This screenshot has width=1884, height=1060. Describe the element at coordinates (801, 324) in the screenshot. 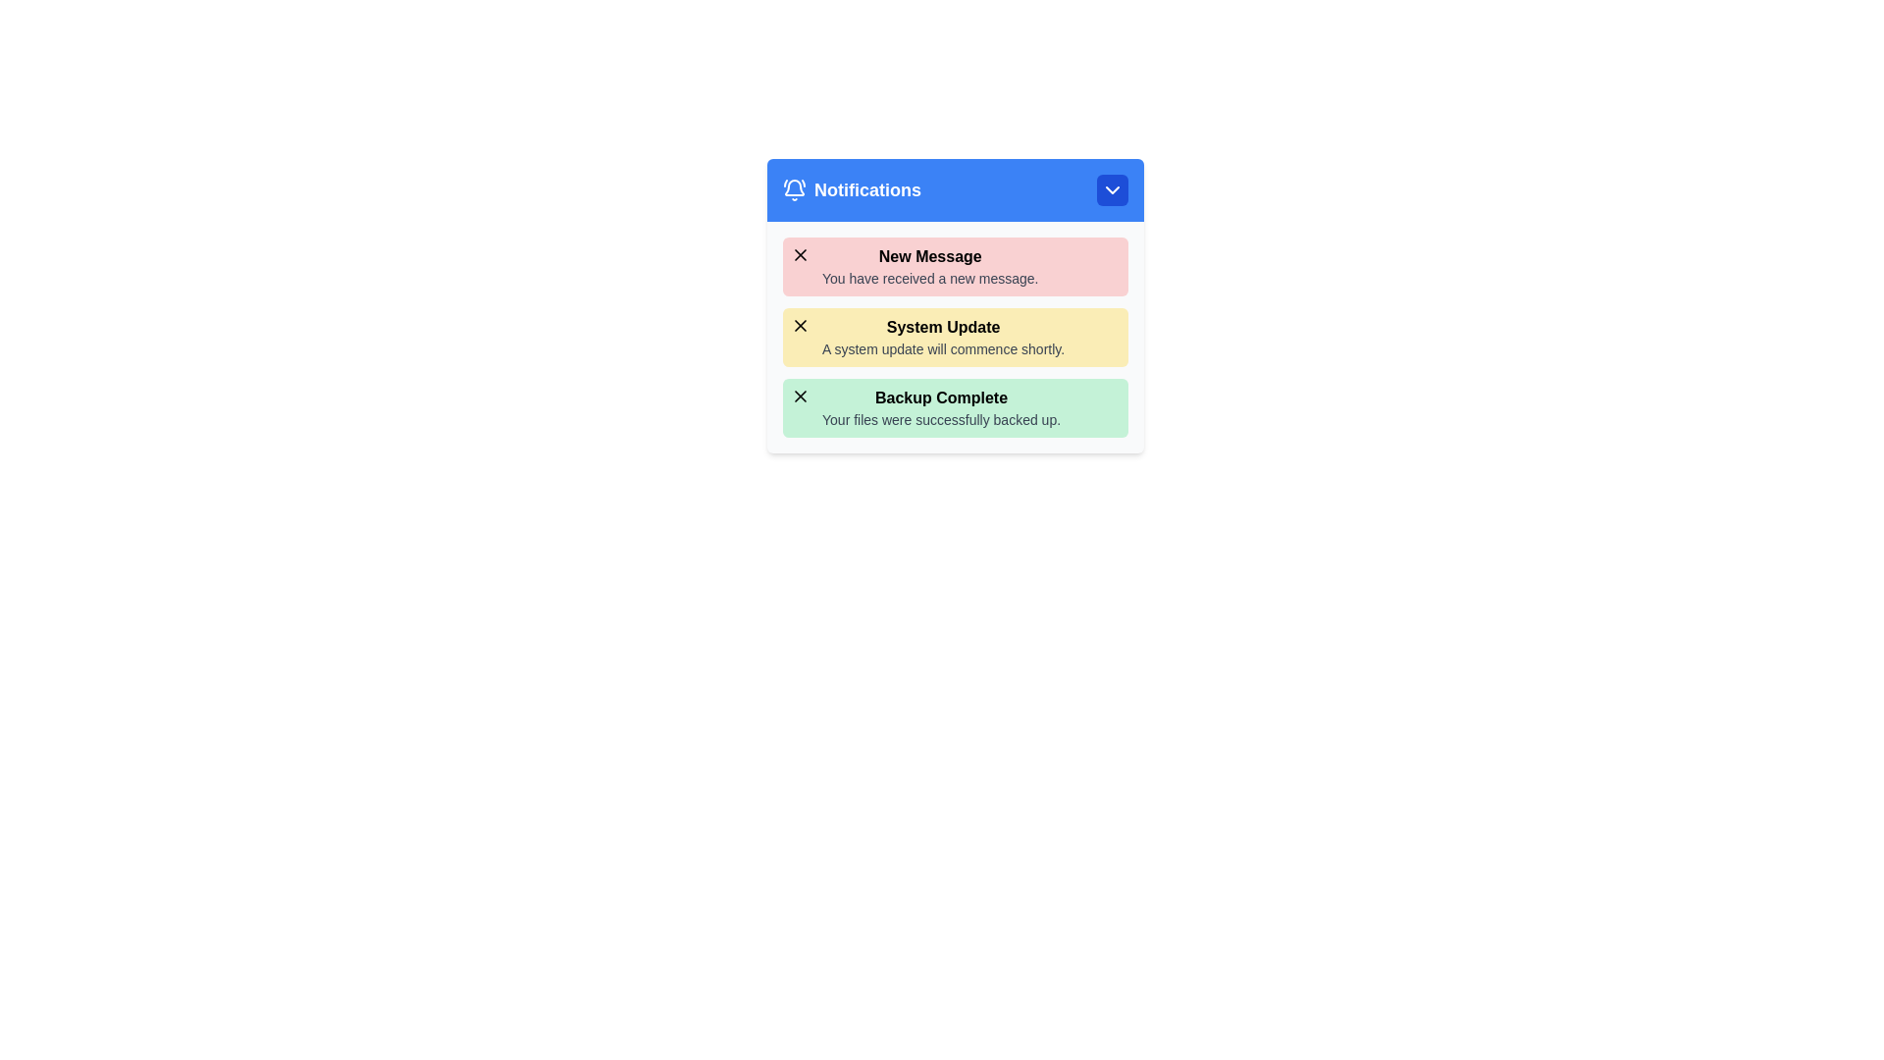

I see `the small 'X' close icon located within the 'System Update' notification panel` at that location.